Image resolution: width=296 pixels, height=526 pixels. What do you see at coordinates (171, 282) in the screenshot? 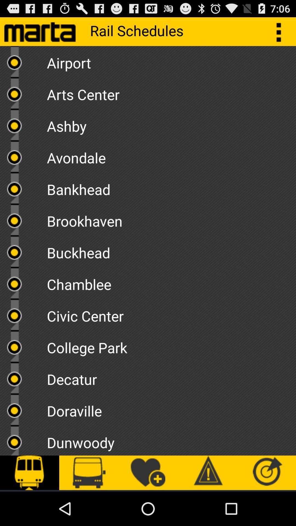
I see `the icon below the buckhead item` at bounding box center [171, 282].